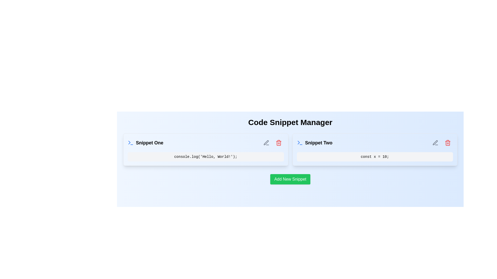 This screenshot has height=279, width=497. I want to click on the 'Add New Snippet' button with a green background and white text, so click(290, 179).